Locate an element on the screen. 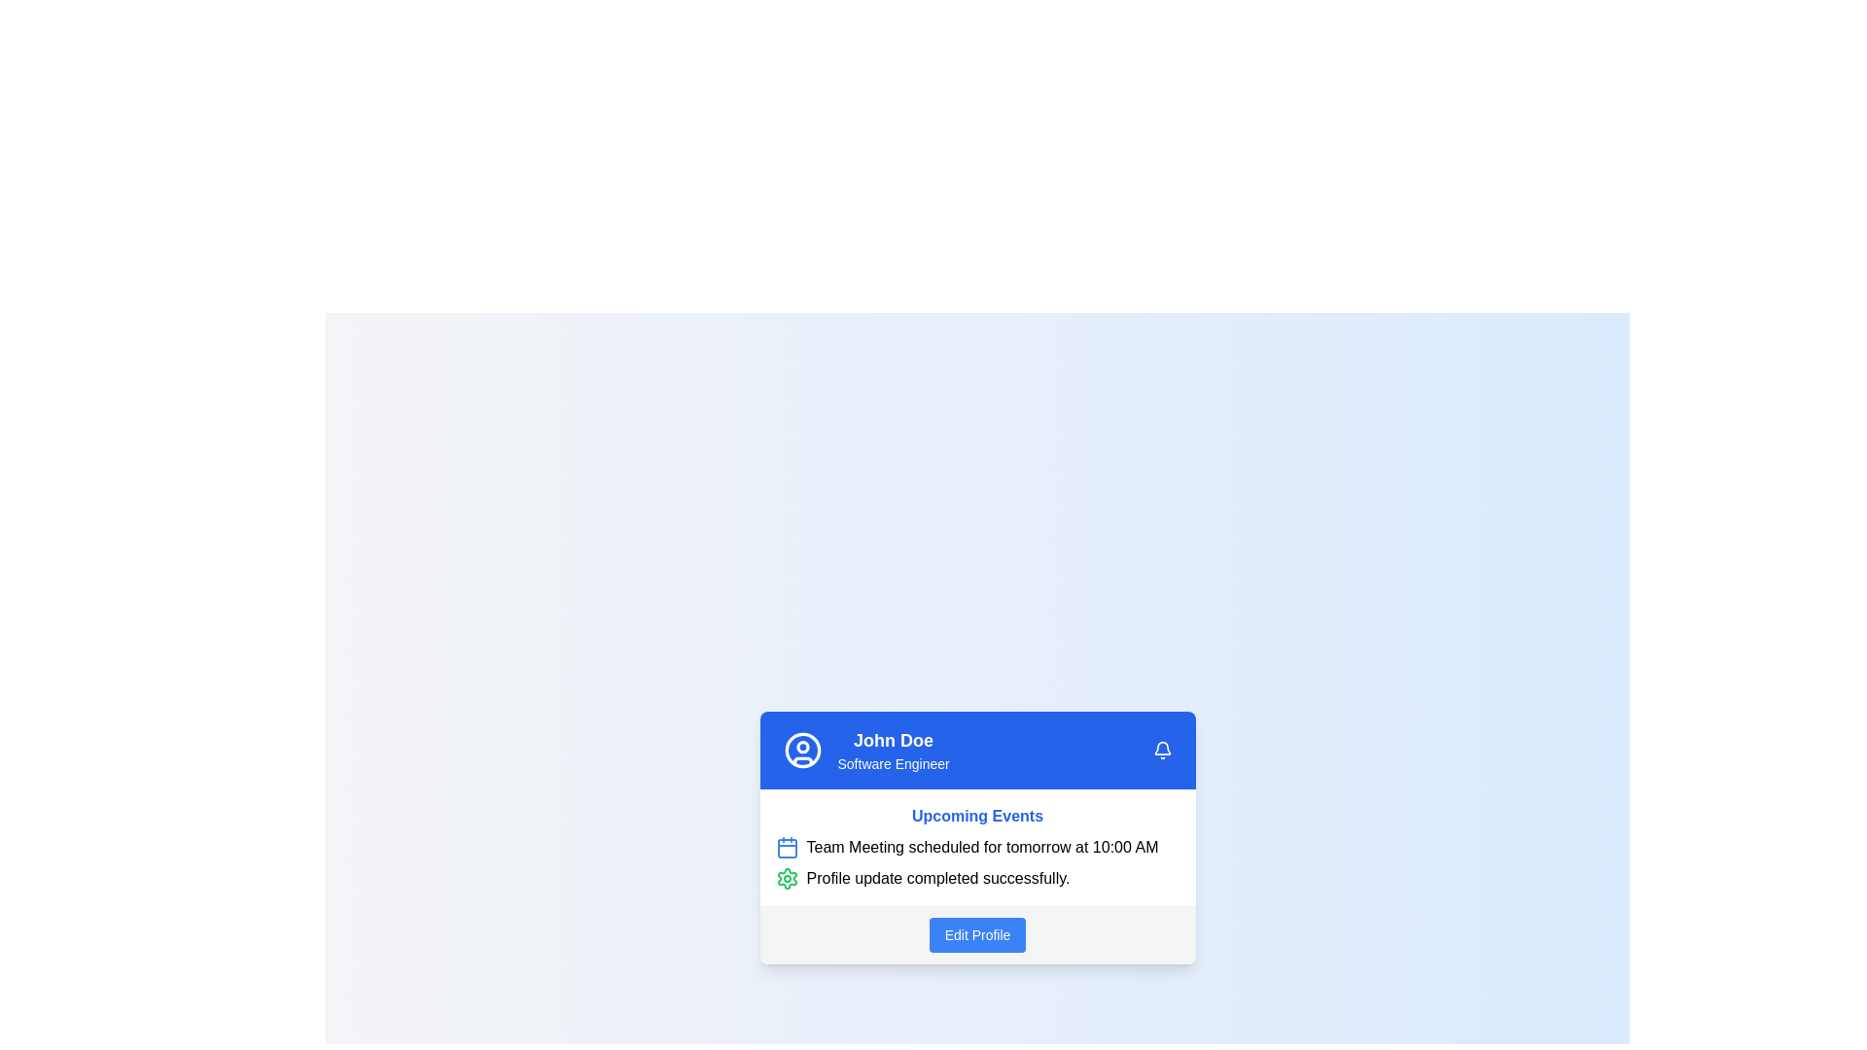 This screenshot has width=1867, height=1050. the text label reading 'Team Meeting scheduled for tomorrow at 10:00 AM' located in the 'Upcoming Events' section, aligned with a blue calendar icon is located at coordinates (982, 846).